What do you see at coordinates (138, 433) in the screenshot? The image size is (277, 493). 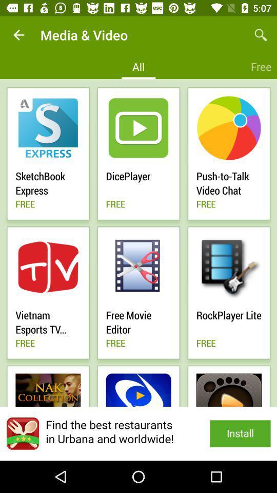 I see `install a new app` at bounding box center [138, 433].